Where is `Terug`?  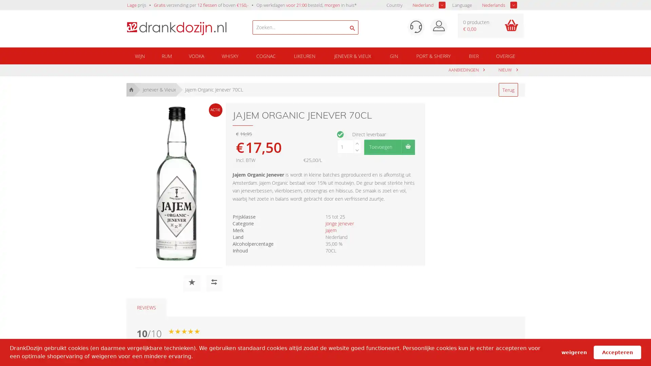 Terug is located at coordinates (508, 89).